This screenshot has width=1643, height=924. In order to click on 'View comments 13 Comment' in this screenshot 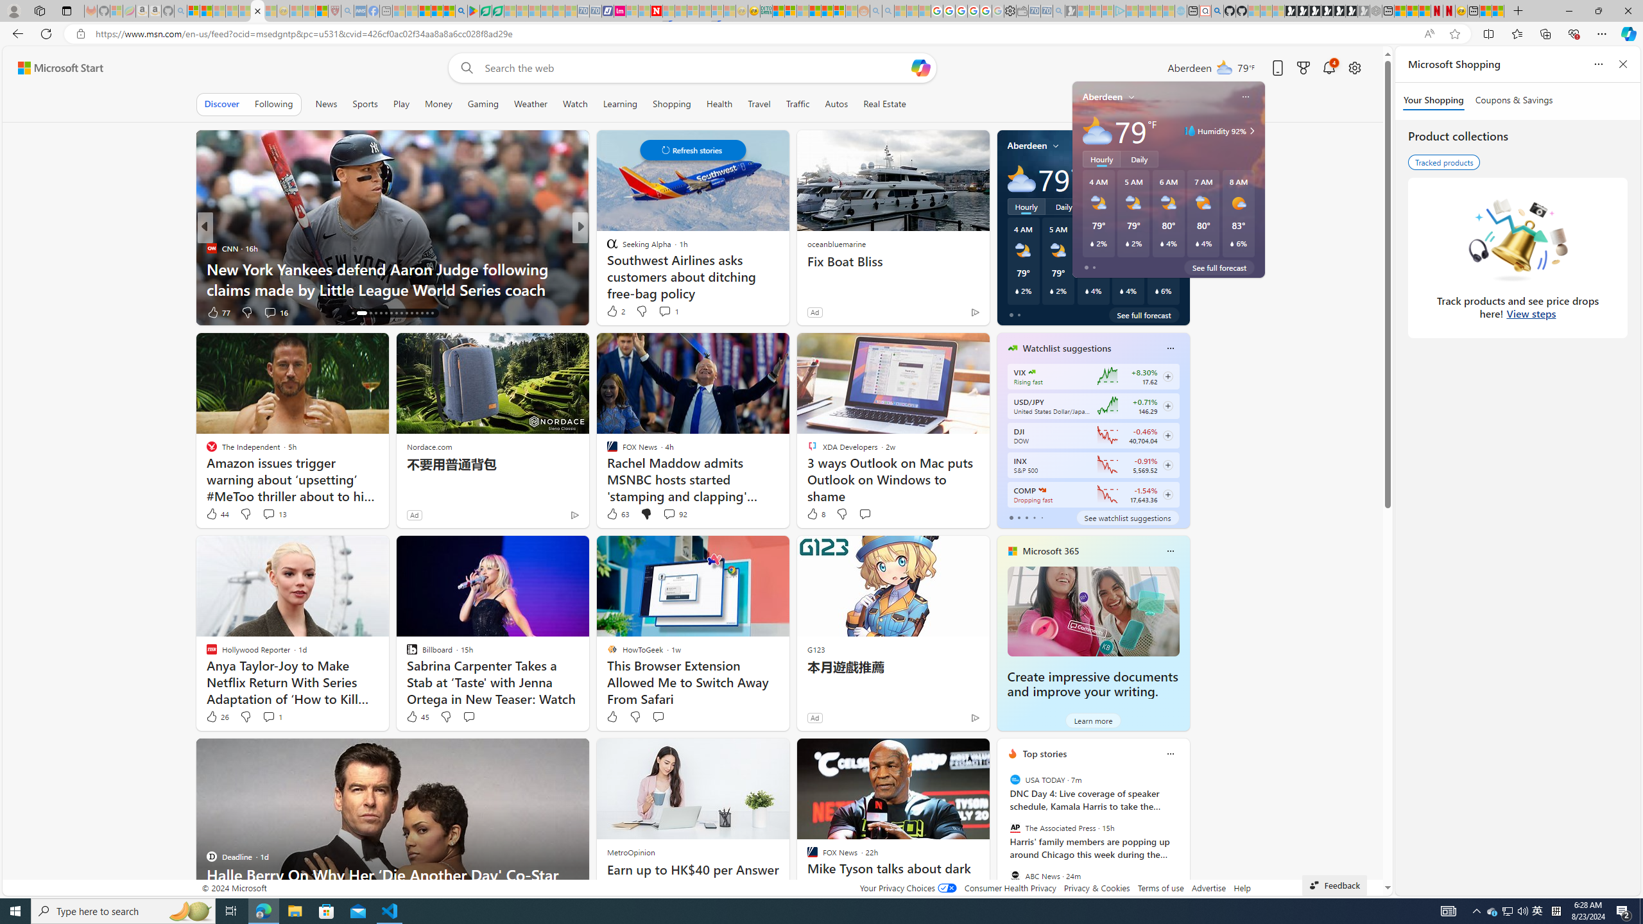, I will do `click(268, 513)`.